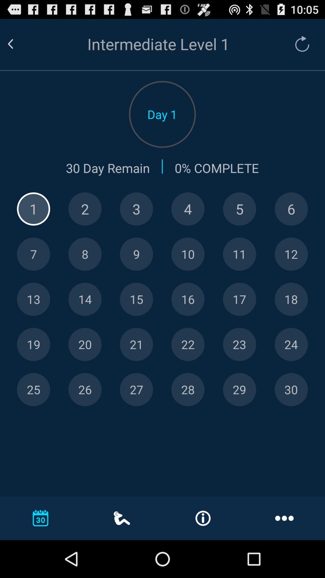 The height and width of the screenshot is (578, 325). I want to click on day 23, so click(239, 344).